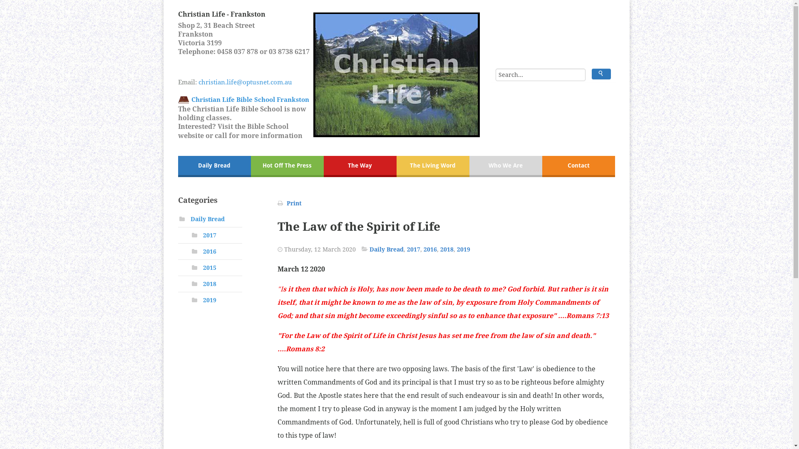 This screenshot has height=449, width=799. What do you see at coordinates (210, 251) in the screenshot?
I see `'2016'` at bounding box center [210, 251].